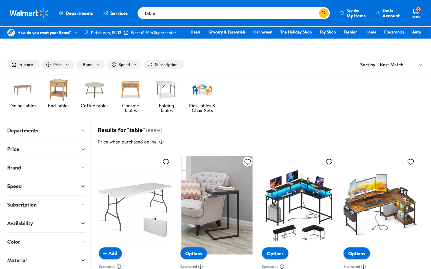  What do you see at coordinates (29, 13) in the screenshot?
I see `the homepage by clicking on the Walmart icon` at bounding box center [29, 13].